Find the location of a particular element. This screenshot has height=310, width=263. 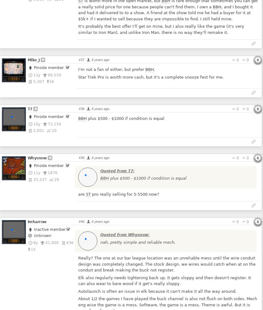

'56' is located at coordinates (49, 81).